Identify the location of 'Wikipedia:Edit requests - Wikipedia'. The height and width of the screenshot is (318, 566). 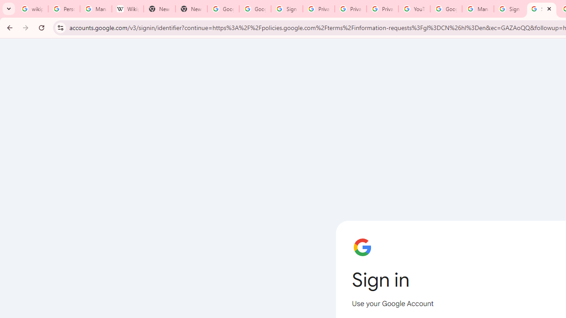
(127, 9).